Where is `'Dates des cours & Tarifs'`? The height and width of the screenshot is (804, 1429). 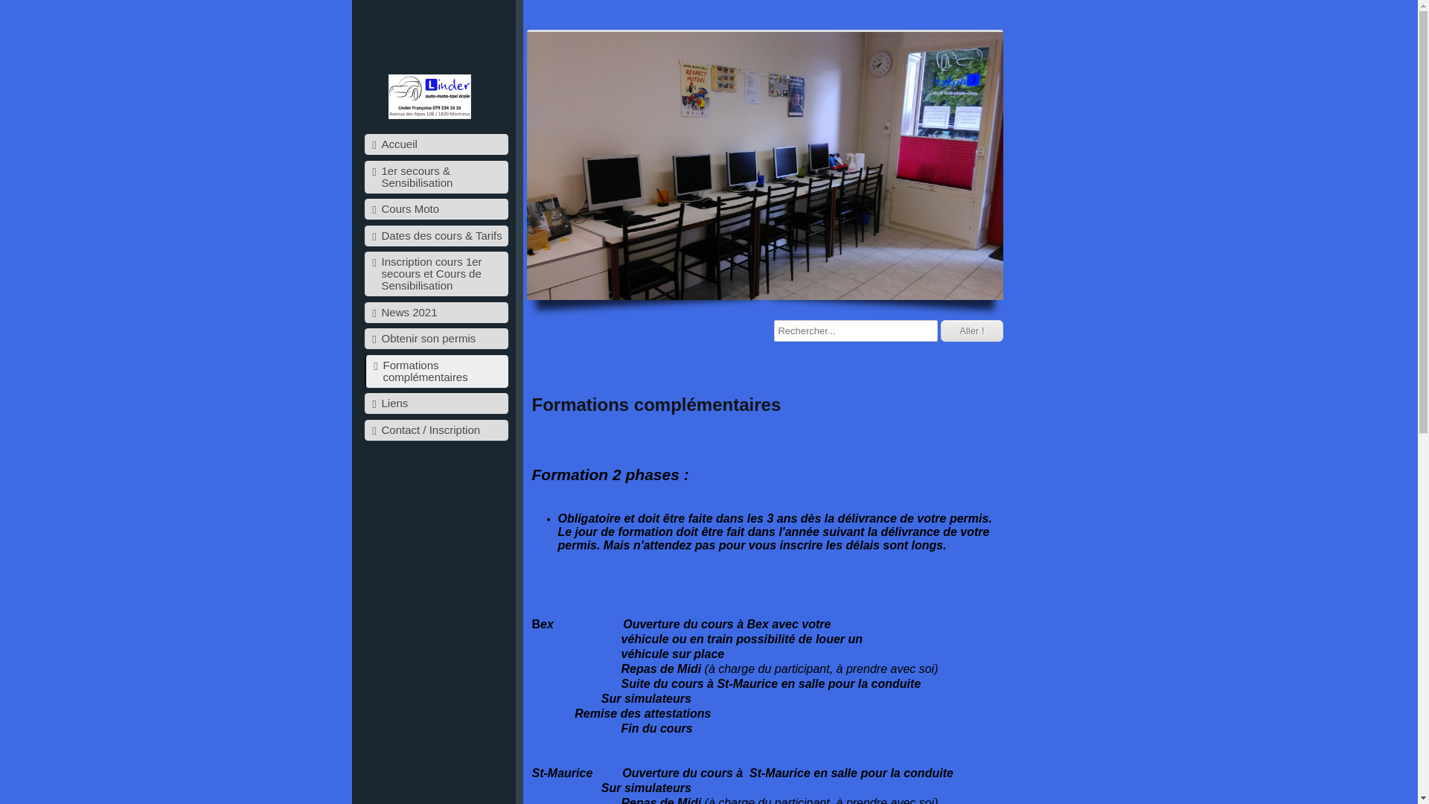
'Dates des cours & Tarifs' is located at coordinates (435, 234).